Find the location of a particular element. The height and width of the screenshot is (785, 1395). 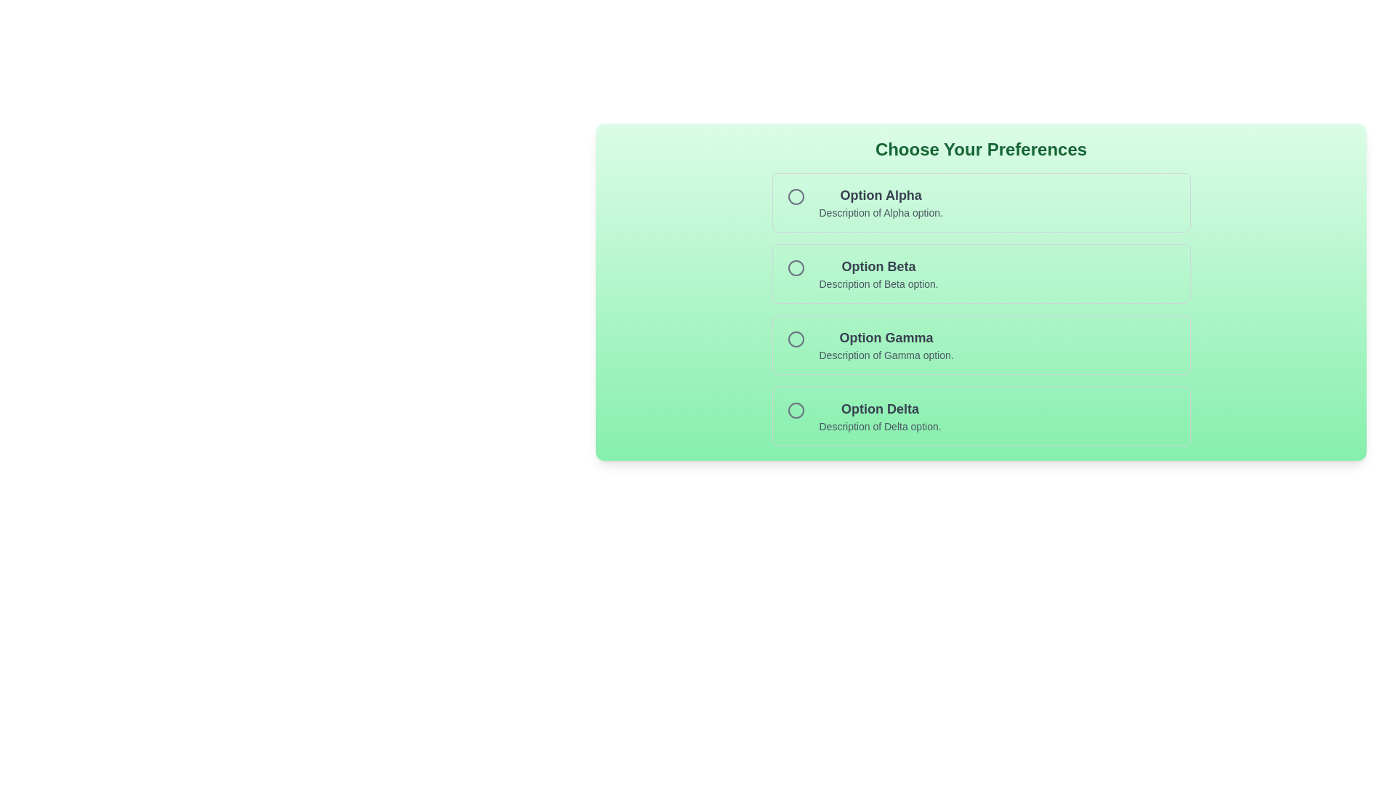

the text label that informs the user about the selectable option labeled 'Option Delta', which is the fourth option in the 'Choose Your Preferences' list, located near the center-right of the interface is located at coordinates (879, 409).